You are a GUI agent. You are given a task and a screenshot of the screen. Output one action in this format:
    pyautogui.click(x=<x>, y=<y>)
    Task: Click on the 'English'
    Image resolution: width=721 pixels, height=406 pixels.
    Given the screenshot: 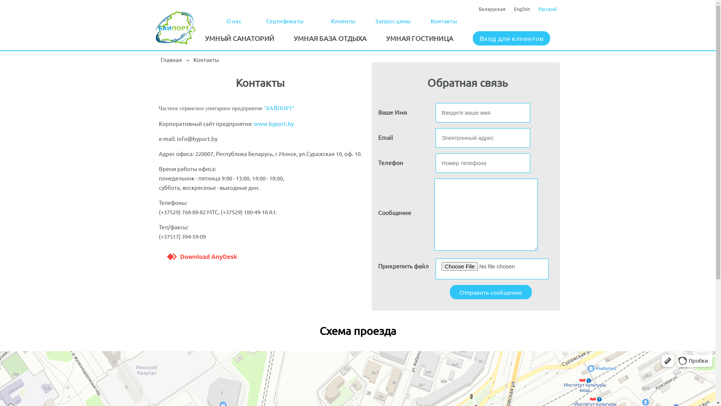 What is the action you would take?
    pyautogui.click(x=521, y=9)
    